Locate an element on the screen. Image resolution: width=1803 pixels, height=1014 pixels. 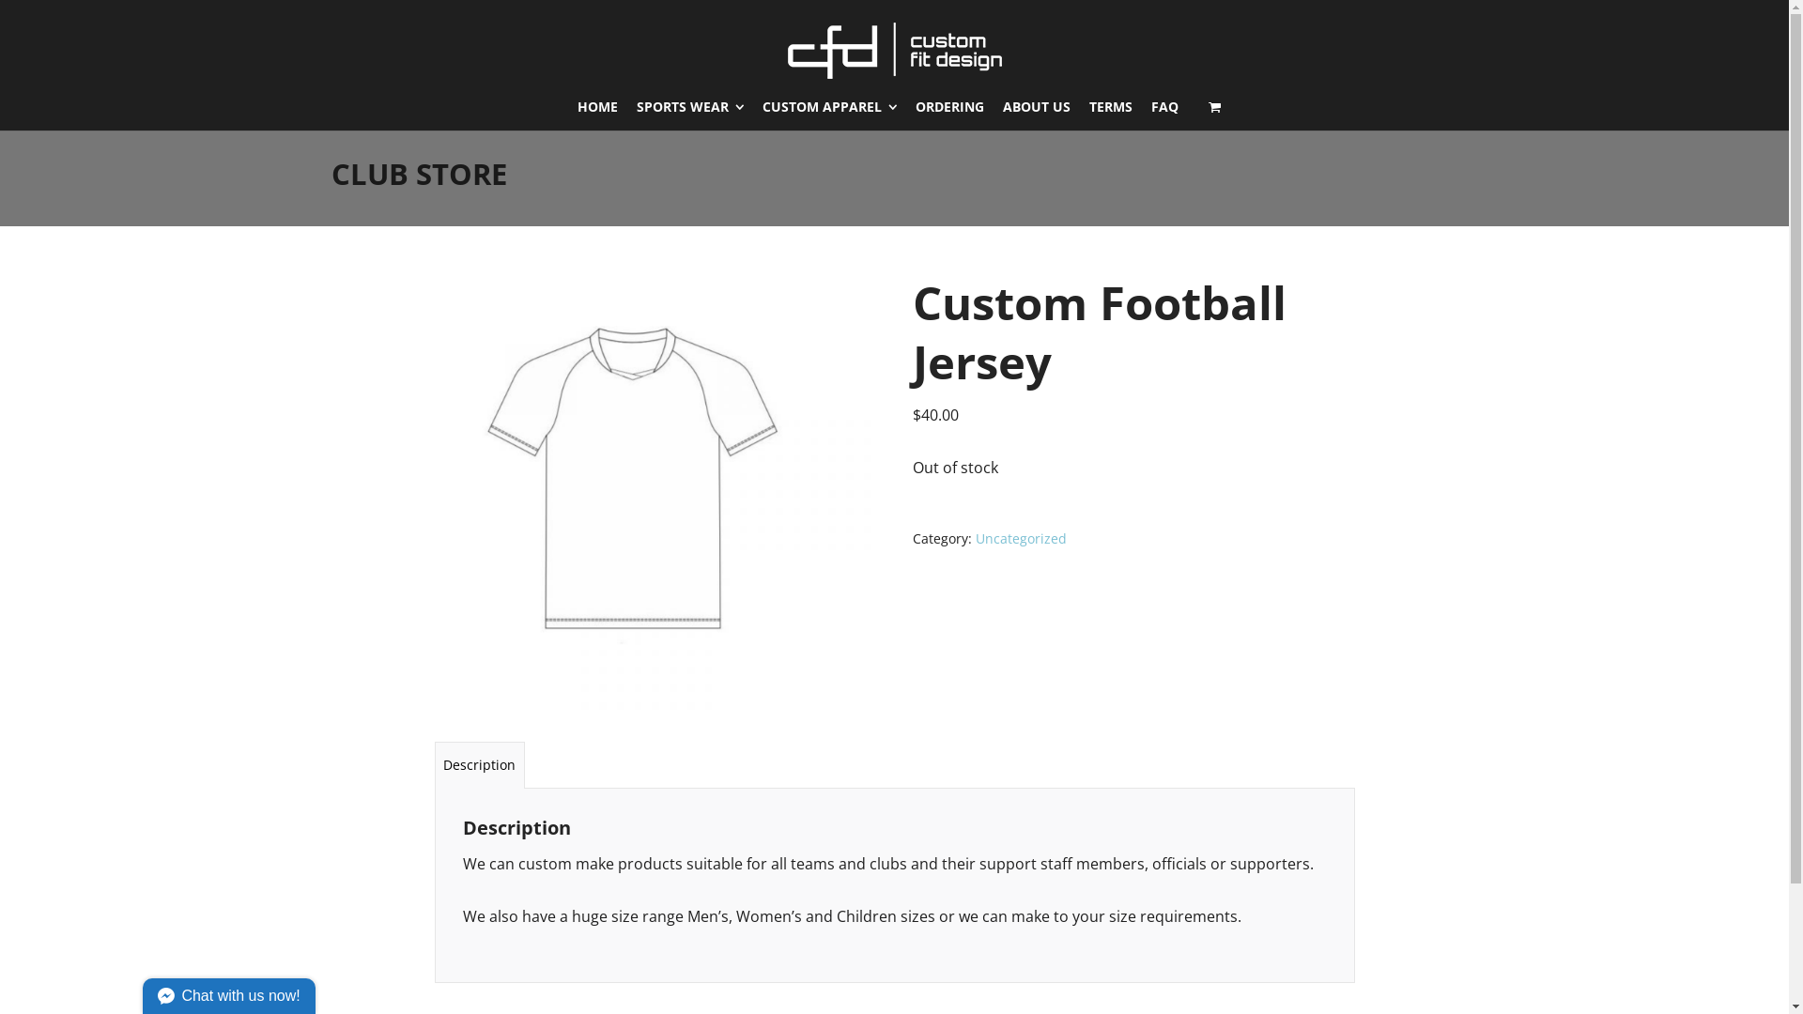
'ORDERING' is located at coordinates (949, 107).